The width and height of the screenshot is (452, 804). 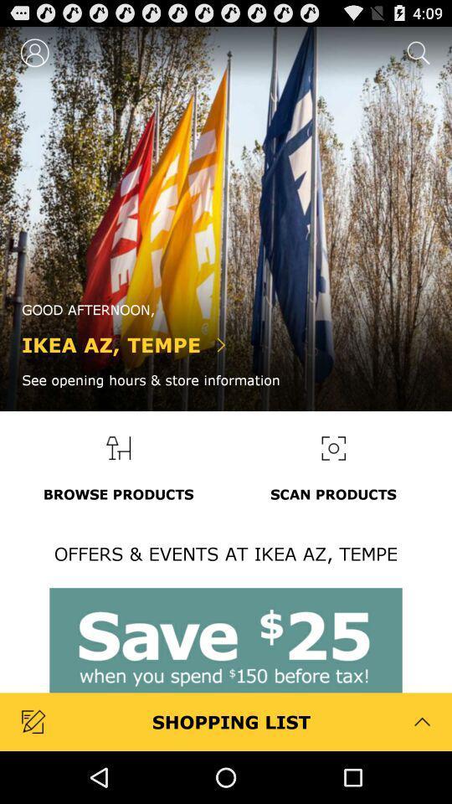 What do you see at coordinates (35, 52) in the screenshot?
I see `the icon at the top left corner` at bounding box center [35, 52].